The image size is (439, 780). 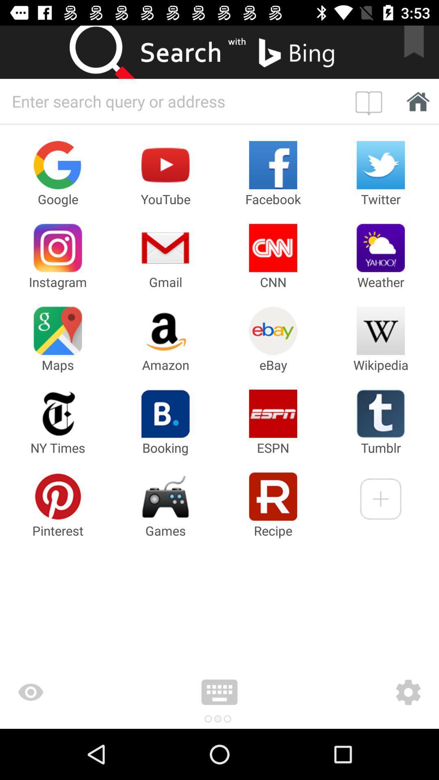 What do you see at coordinates (175, 101) in the screenshot?
I see `search for something` at bounding box center [175, 101].